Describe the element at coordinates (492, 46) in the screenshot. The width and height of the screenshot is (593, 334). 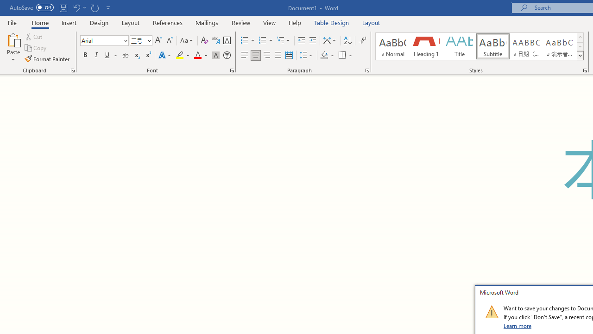
I see `'Subtitle'` at that location.